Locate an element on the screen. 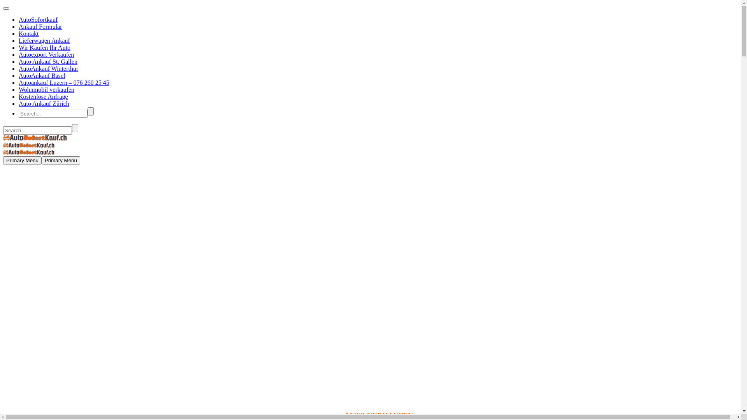 The height and width of the screenshot is (420, 747). 'Auto Ankauf St. Gallen' is located at coordinates (47, 61).